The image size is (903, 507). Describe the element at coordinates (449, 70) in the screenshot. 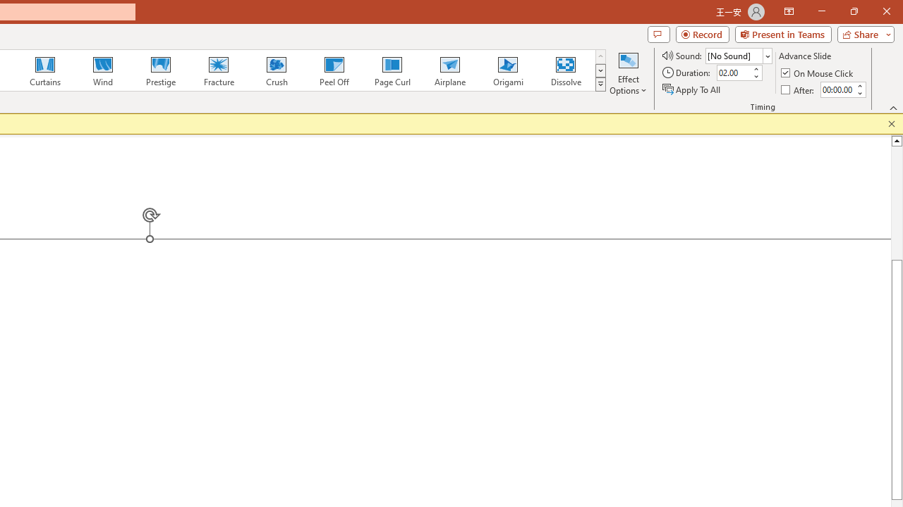

I see `'Airplane'` at that location.